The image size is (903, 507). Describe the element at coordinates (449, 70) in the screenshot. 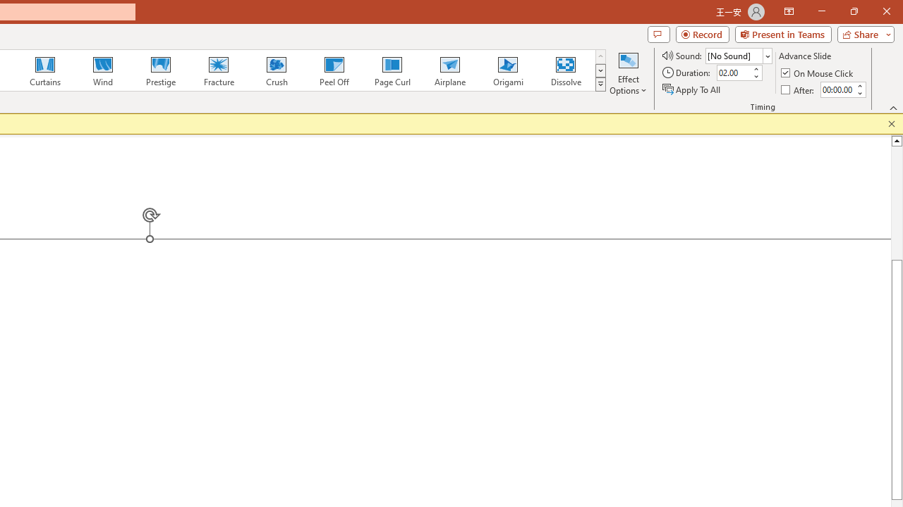

I see `'Airplane'` at that location.